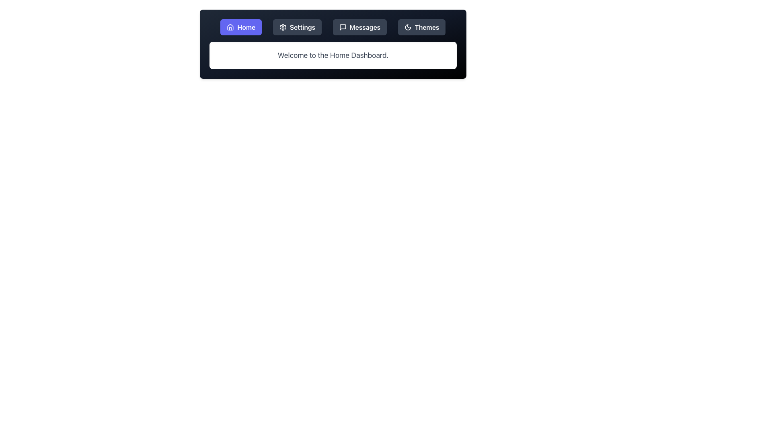 This screenshot has width=772, height=434. Describe the element at coordinates (343, 27) in the screenshot. I see `the speech bubble icon in the navigation bar` at that location.